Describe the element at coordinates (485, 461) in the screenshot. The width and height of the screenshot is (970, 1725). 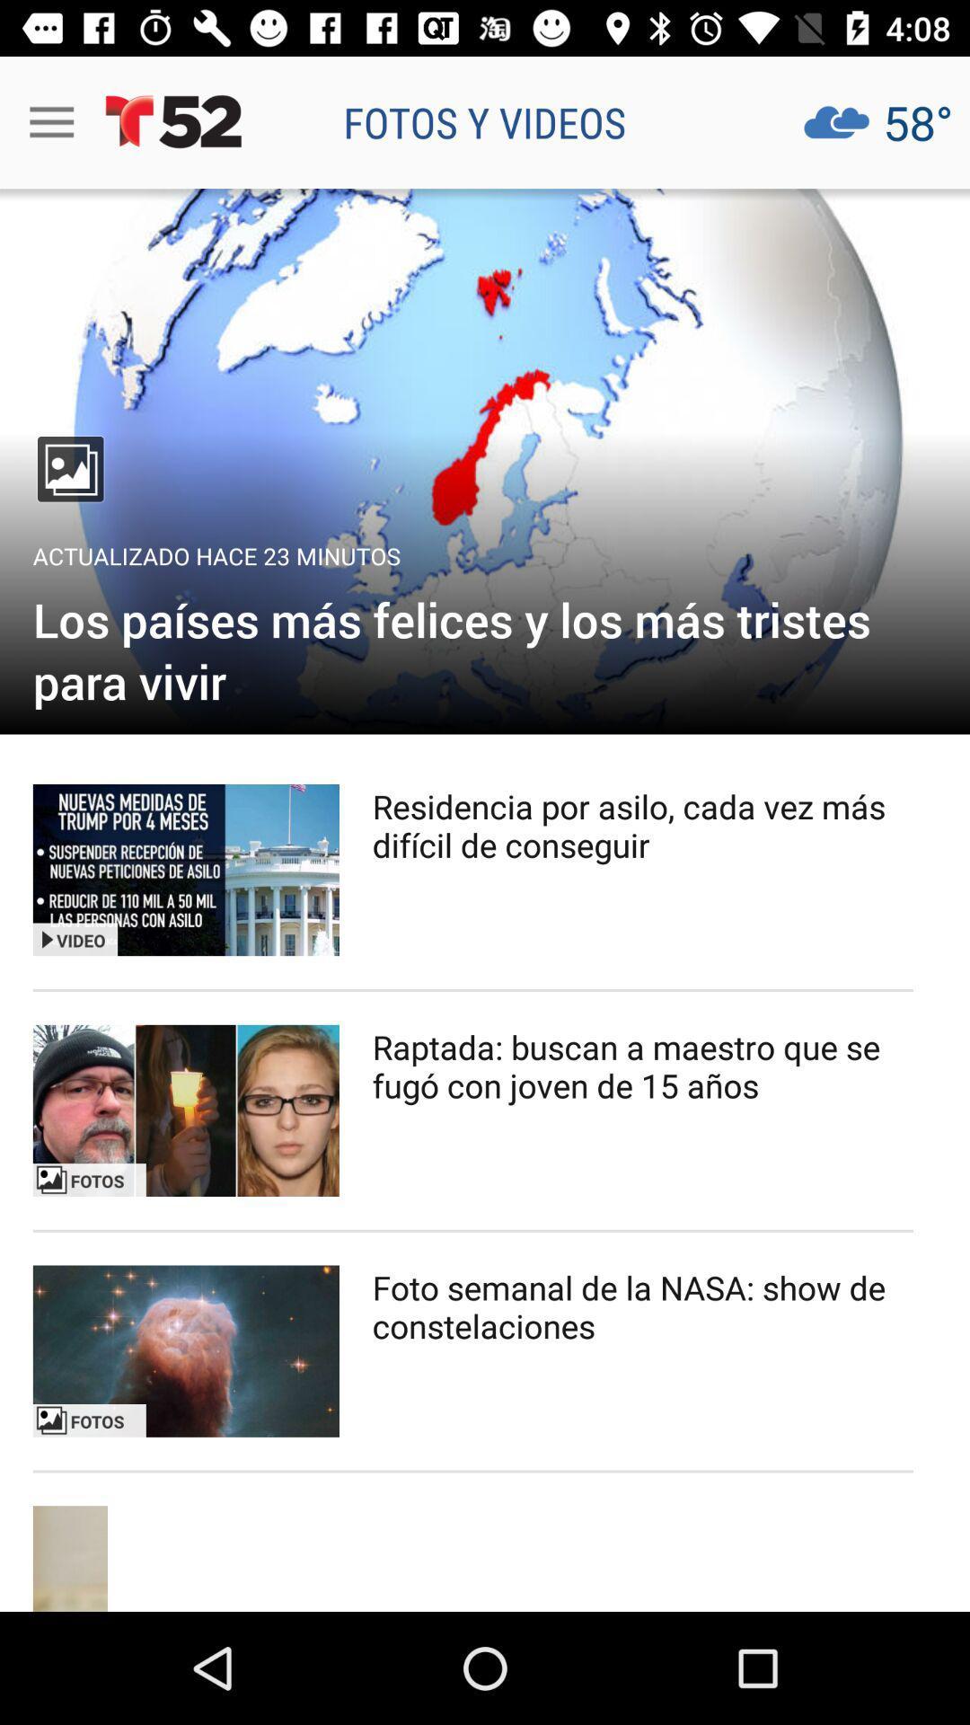
I see `news article` at that location.